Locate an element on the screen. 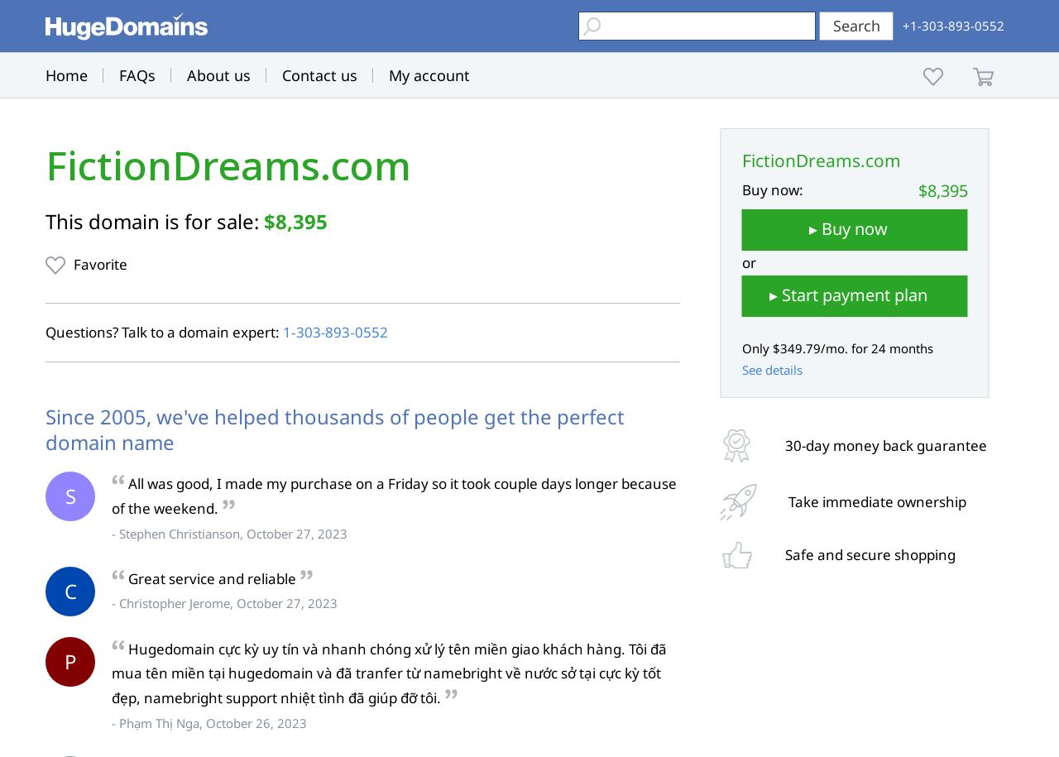  'P' is located at coordinates (69, 659).